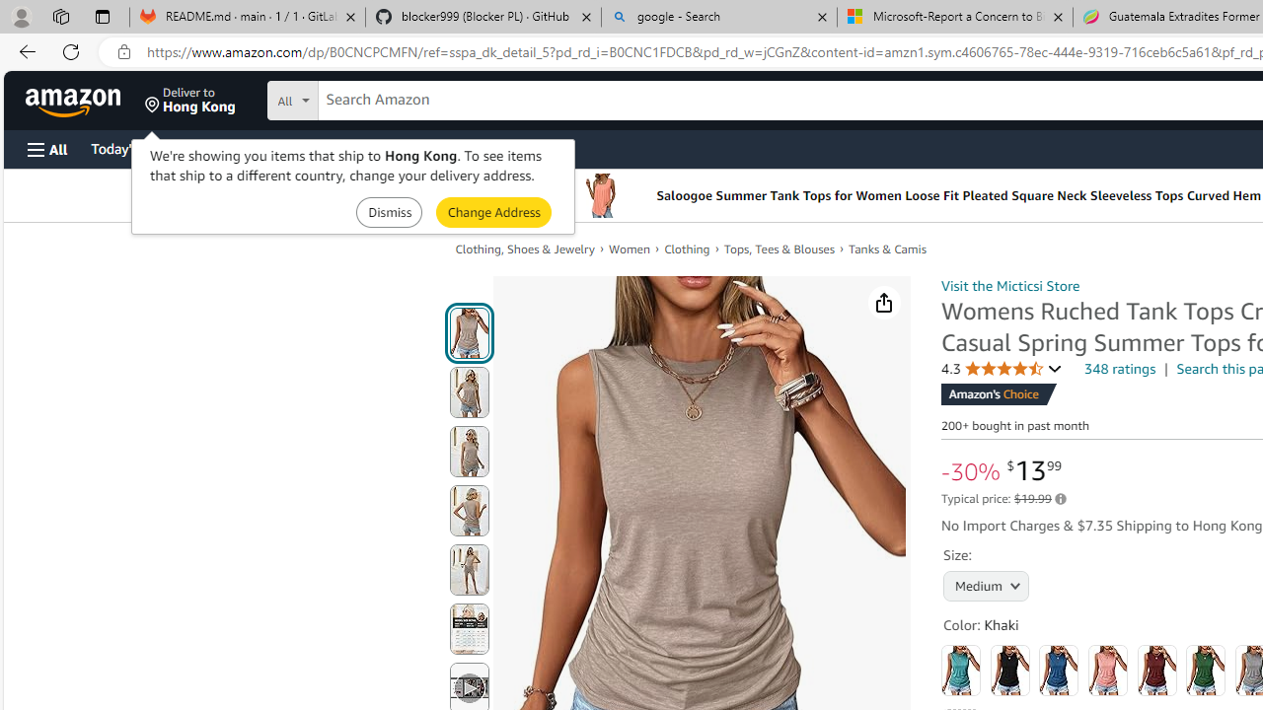 The width and height of the screenshot is (1263, 710). I want to click on 'Tops, Tees & Blouses', so click(778, 248).